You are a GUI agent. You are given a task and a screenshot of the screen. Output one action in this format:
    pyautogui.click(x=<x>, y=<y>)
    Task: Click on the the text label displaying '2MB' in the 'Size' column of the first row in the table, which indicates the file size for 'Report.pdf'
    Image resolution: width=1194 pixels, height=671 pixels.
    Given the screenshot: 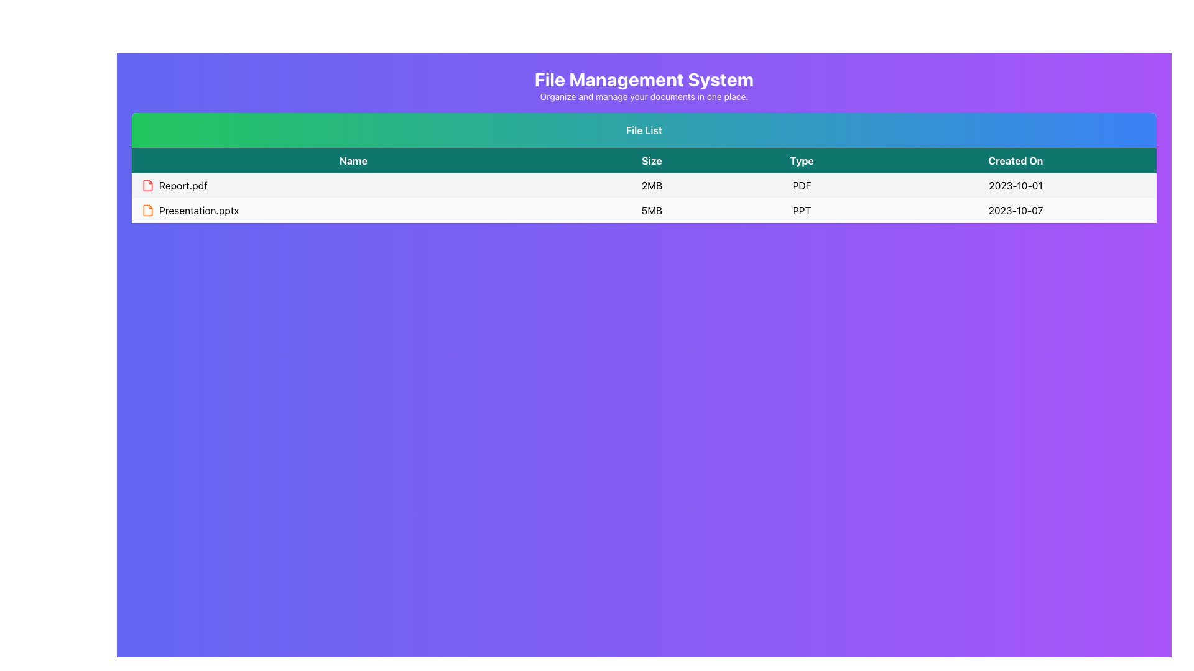 What is the action you would take?
    pyautogui.click(x=651, y=186)
    